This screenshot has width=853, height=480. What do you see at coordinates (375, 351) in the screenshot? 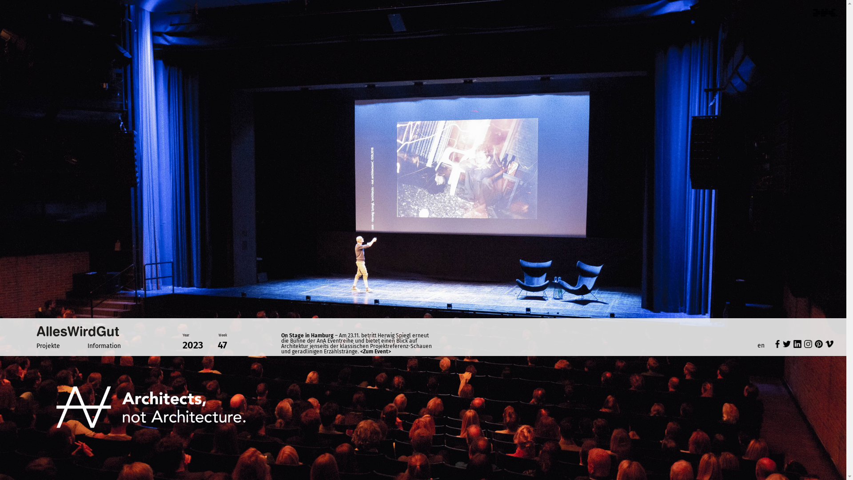
I see `'<Zum Event>'` at bounding box center [375, 351].